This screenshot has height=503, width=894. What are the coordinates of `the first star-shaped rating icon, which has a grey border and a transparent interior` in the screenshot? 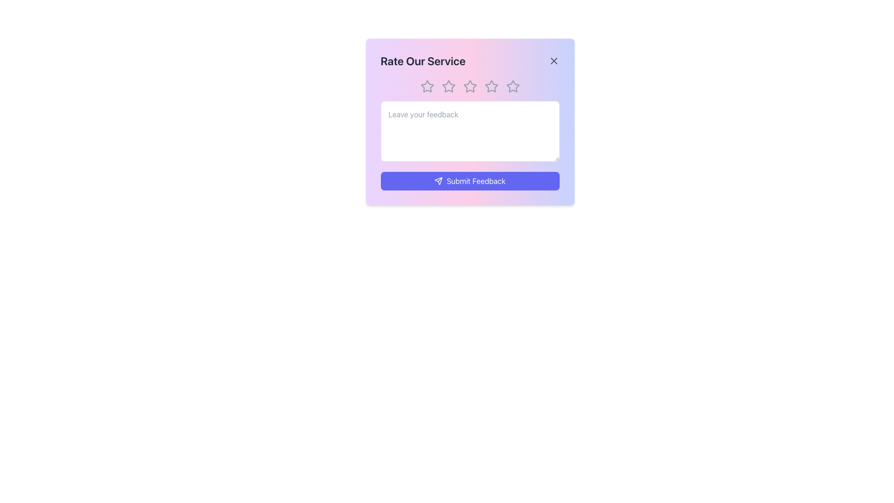 It's located at (427, 86).